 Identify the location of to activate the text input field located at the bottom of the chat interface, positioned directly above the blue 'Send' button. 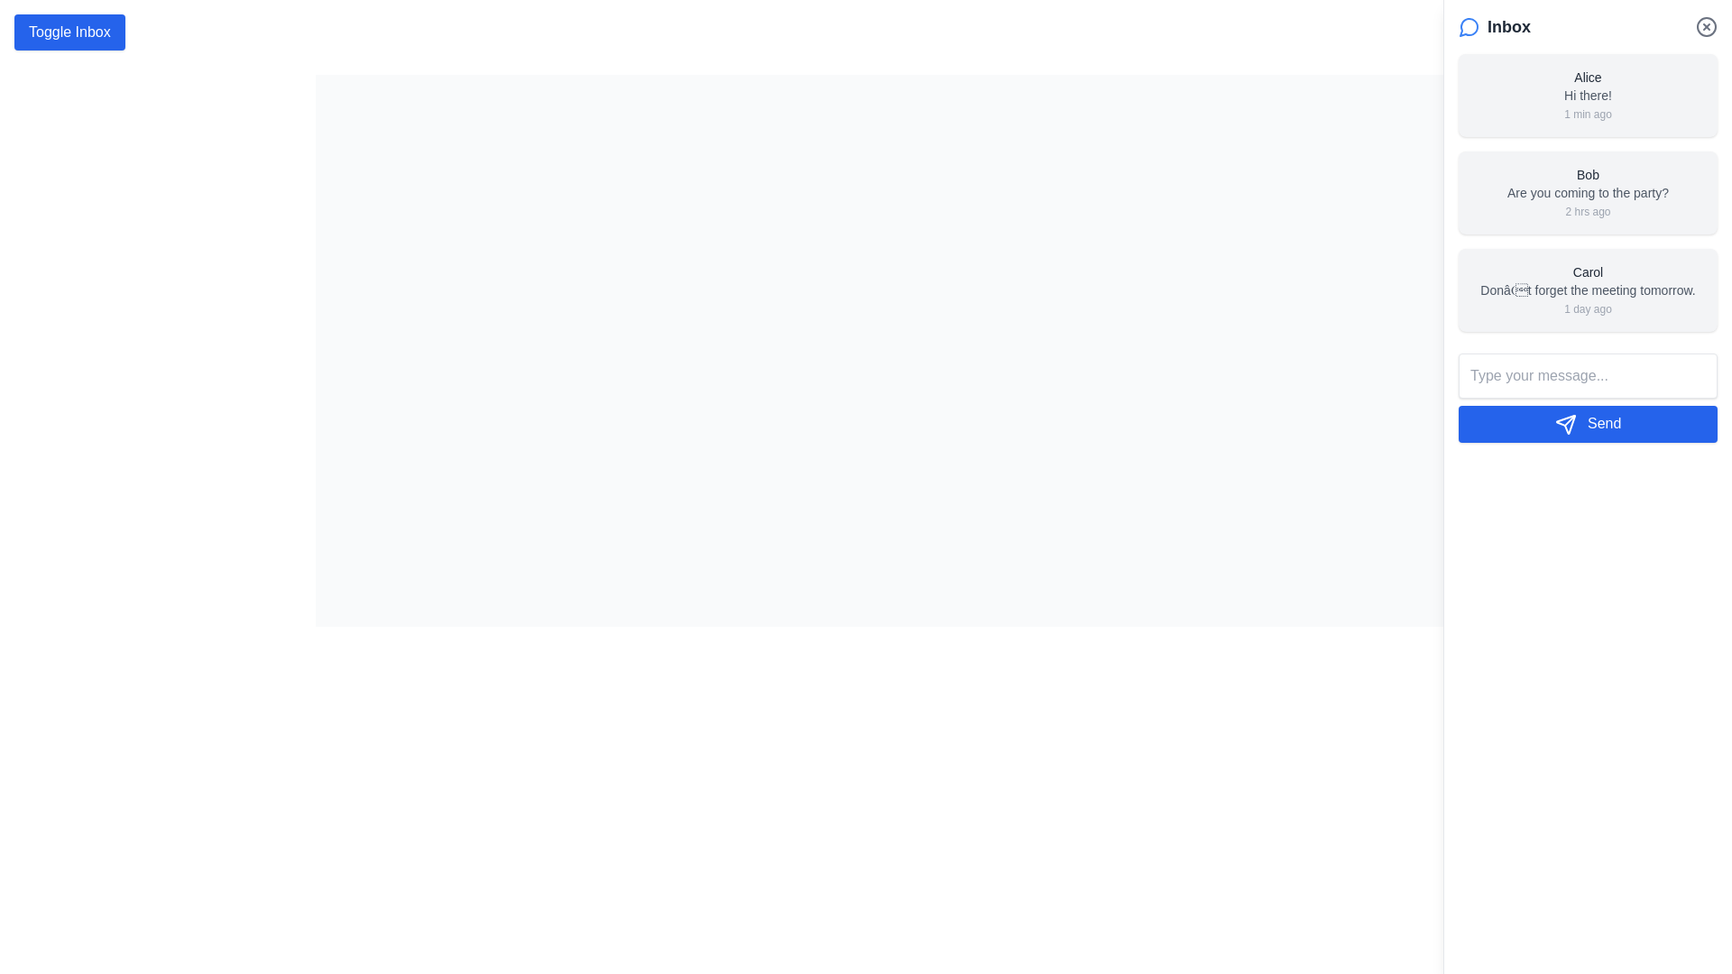
(1588, 374).